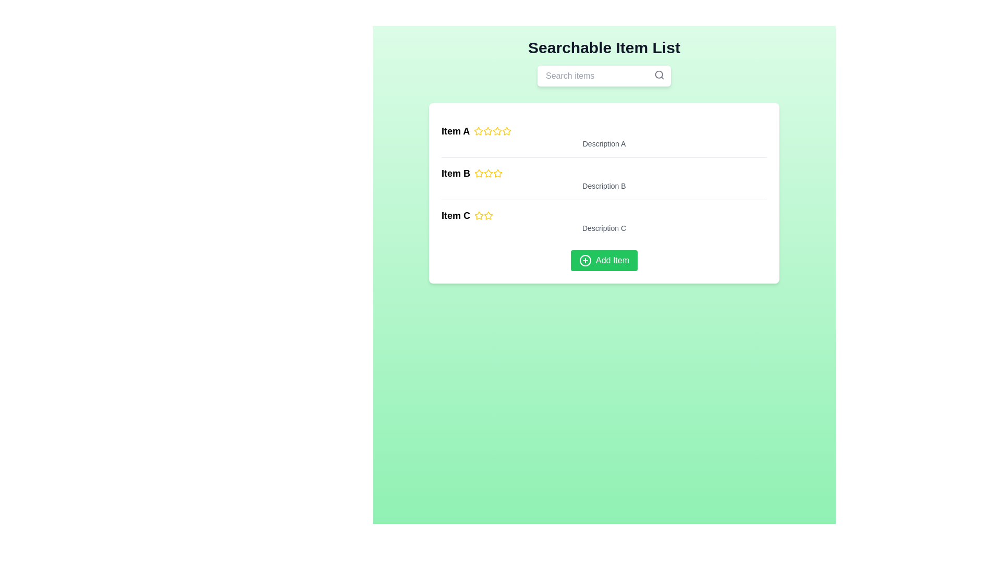  Describe the element at coordinates (487, 130) in the screenshot. I see `the second star rating icon with a yellow border` at that location.